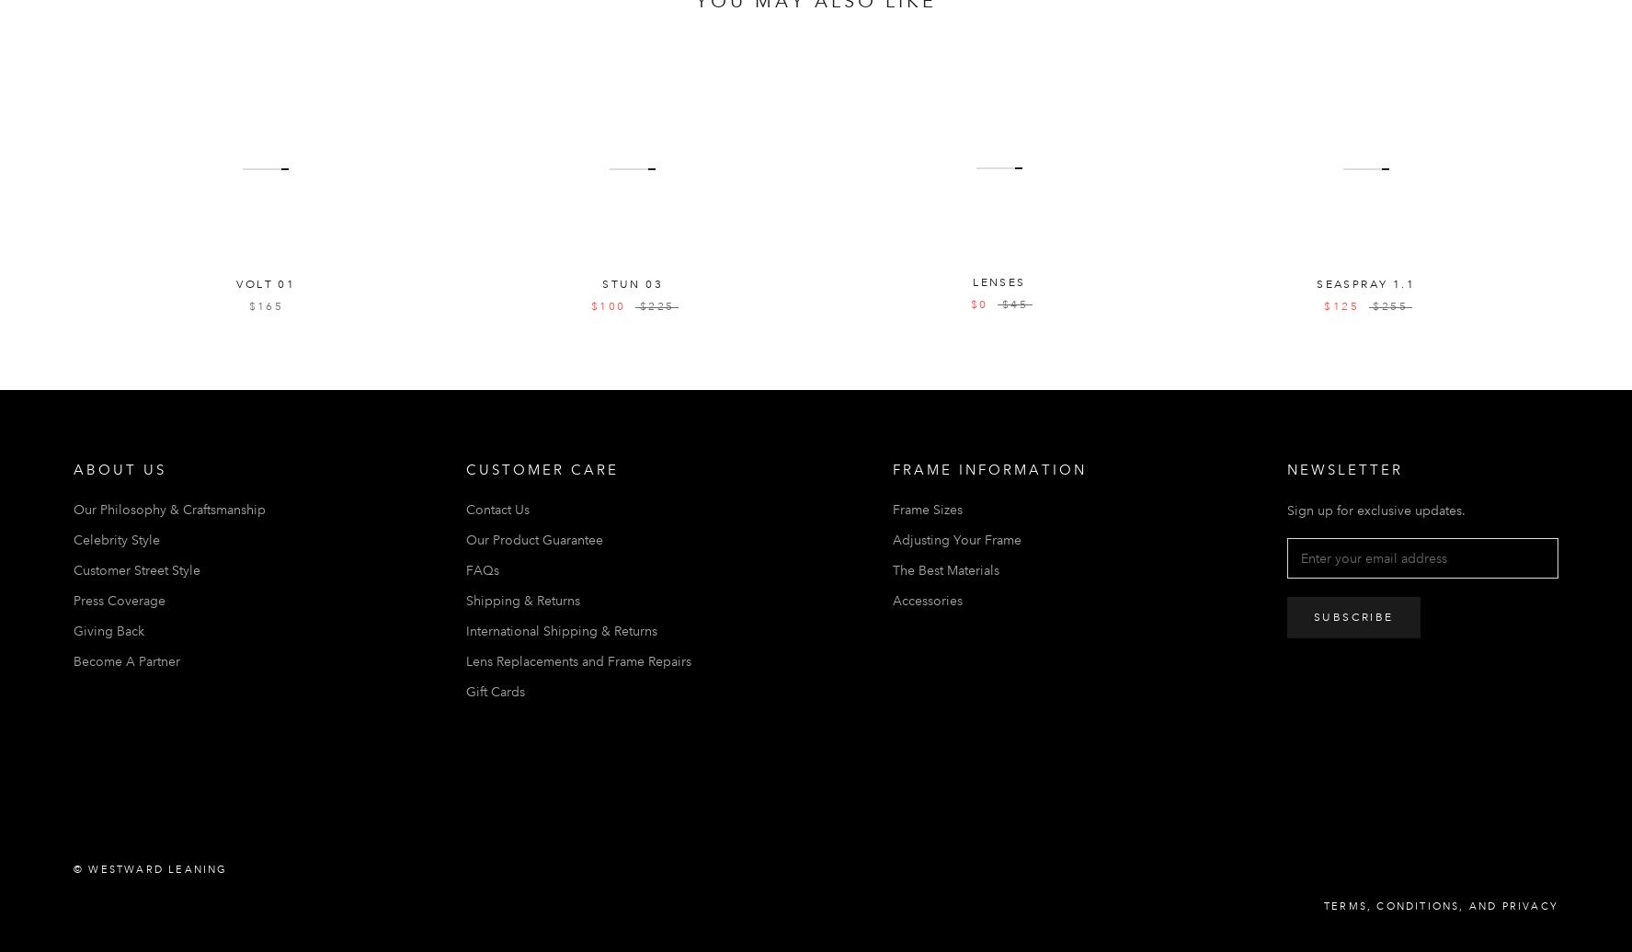 Image resolution: width=1632 pixels, height=952 pixels. Describe the element at coordinates (136, 568) in the screenshot. I see `'Customer Street Style'` at that location.